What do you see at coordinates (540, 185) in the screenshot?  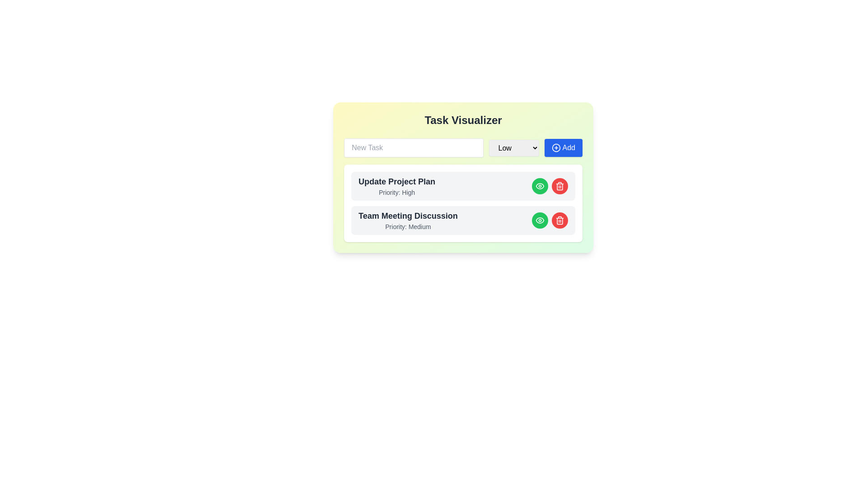 I see `the circular Icon Button with a green background and white eye icon` at bounding box center [540, 185].